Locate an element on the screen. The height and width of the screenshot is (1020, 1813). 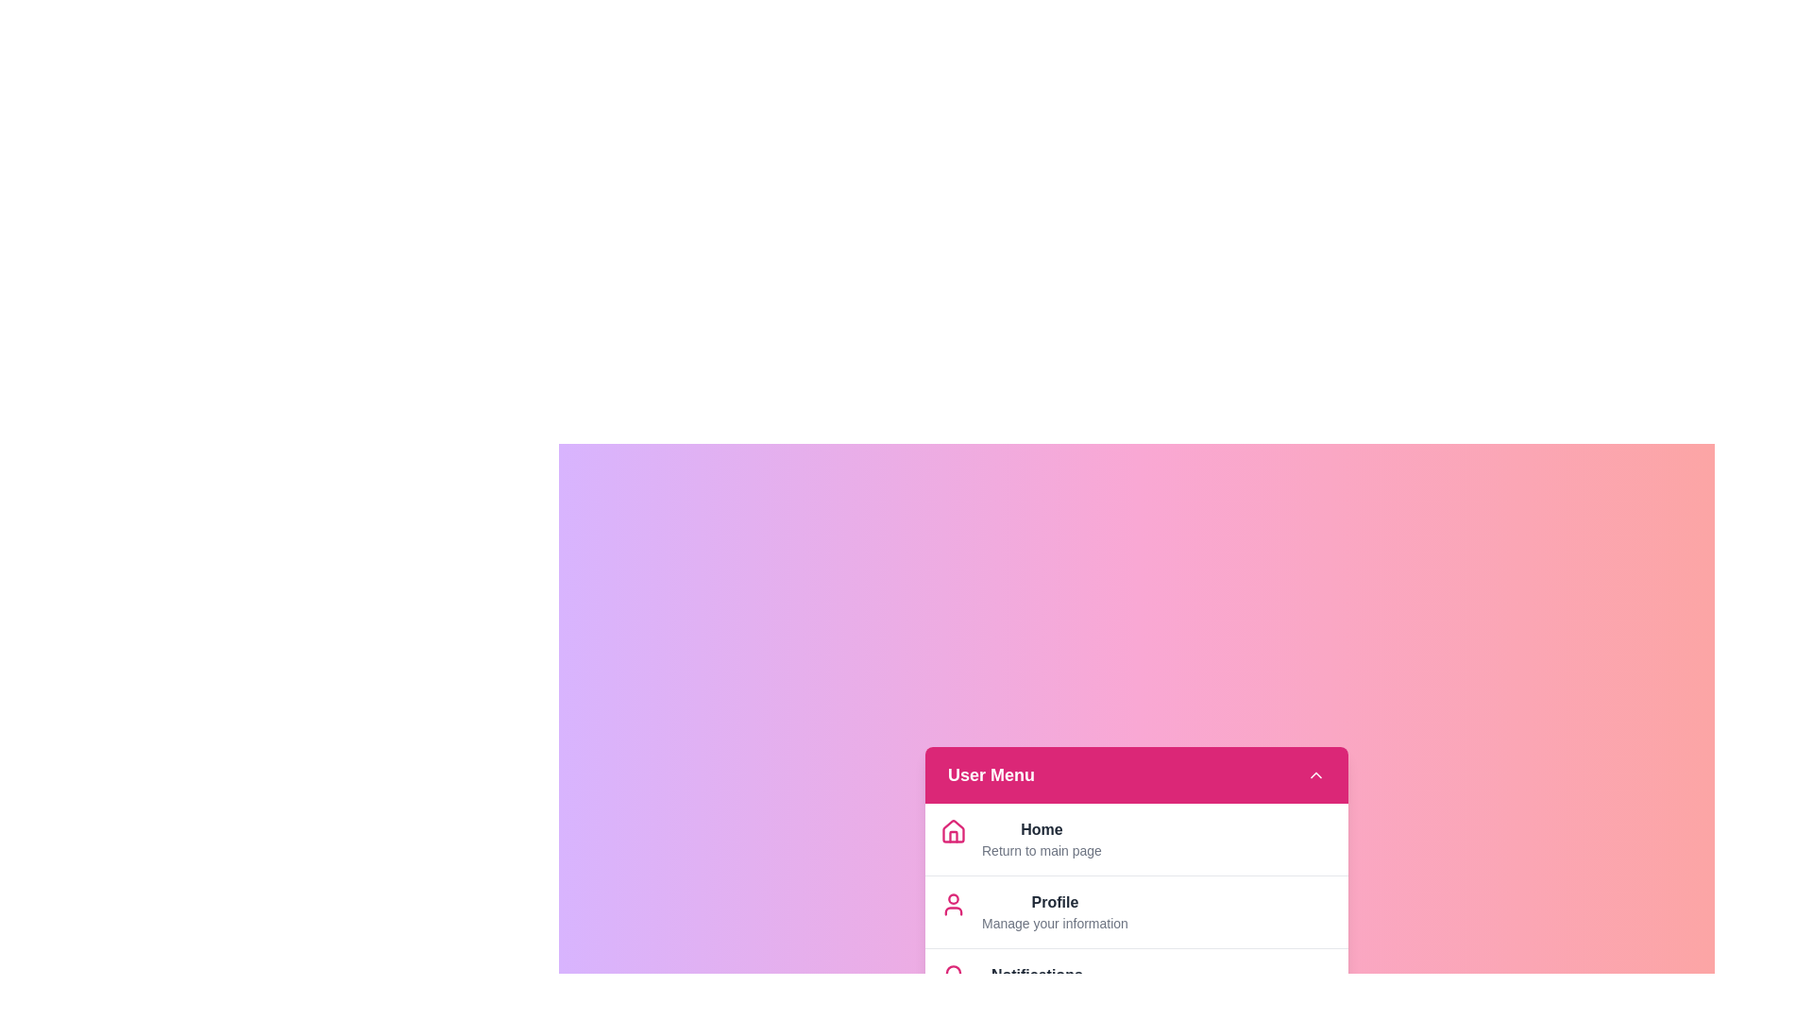
the toggle button to toggle the menu visibility is located at coordinates (1314, 774).